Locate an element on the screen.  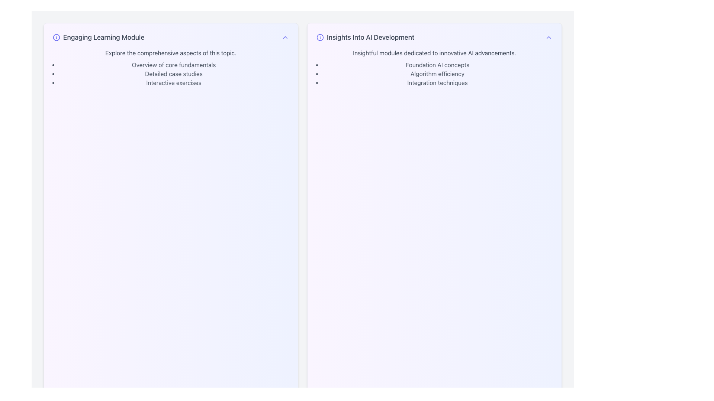
the Text Label / Heading located in the right panel of a two-column layout, near the top, serving as the first element of the column's content is located at coordinates (365, 37).